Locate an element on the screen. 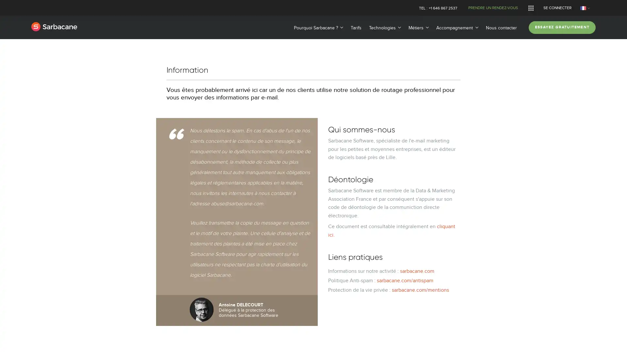 The width and height of the screenshot is (627, 352). Je choisis is located at coordinates (313, 220).